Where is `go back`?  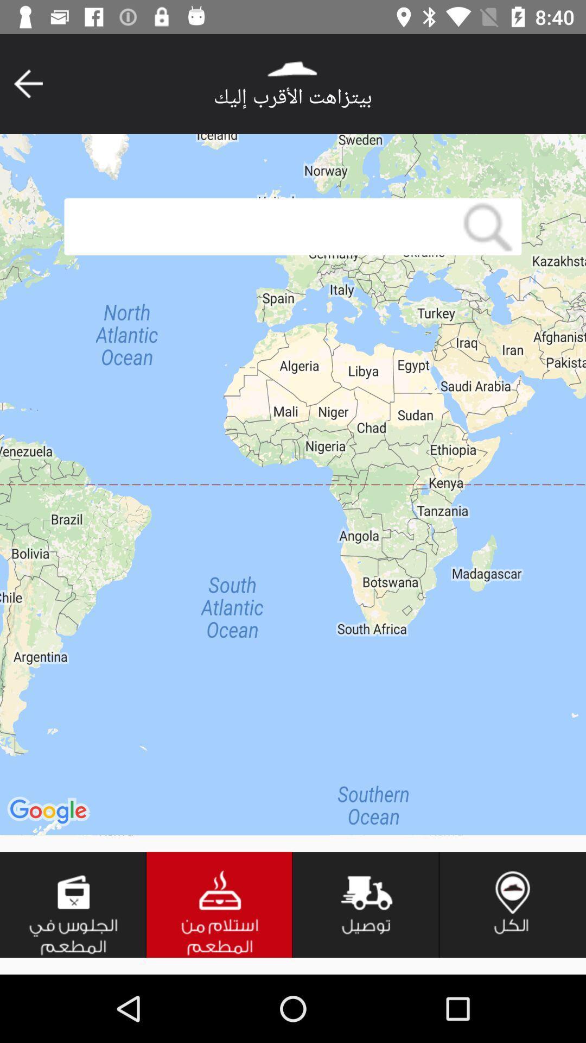 go back is located at coordinates (28, 83).